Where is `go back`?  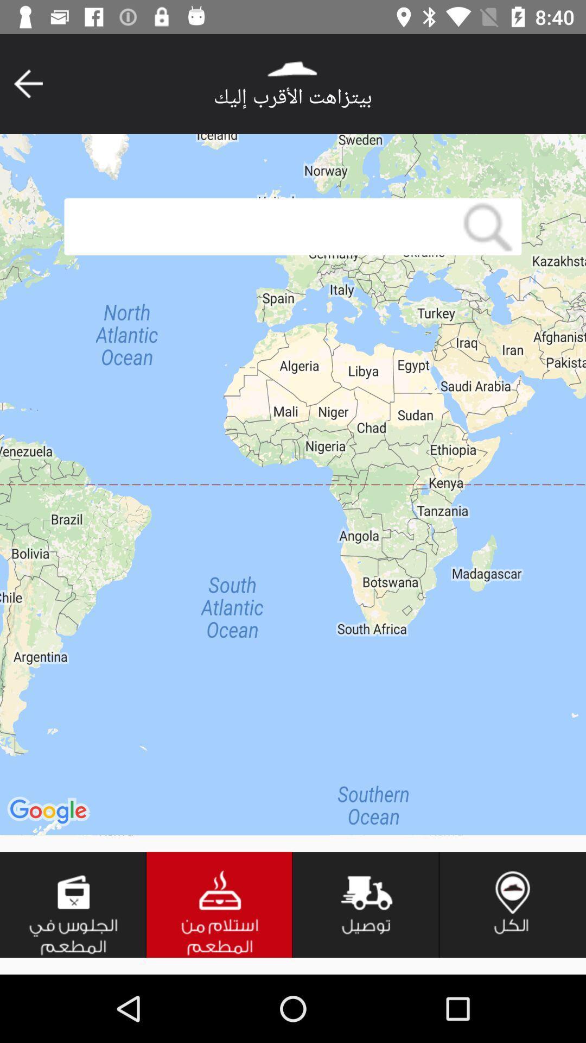 go back is located at coordinates (28, 83).